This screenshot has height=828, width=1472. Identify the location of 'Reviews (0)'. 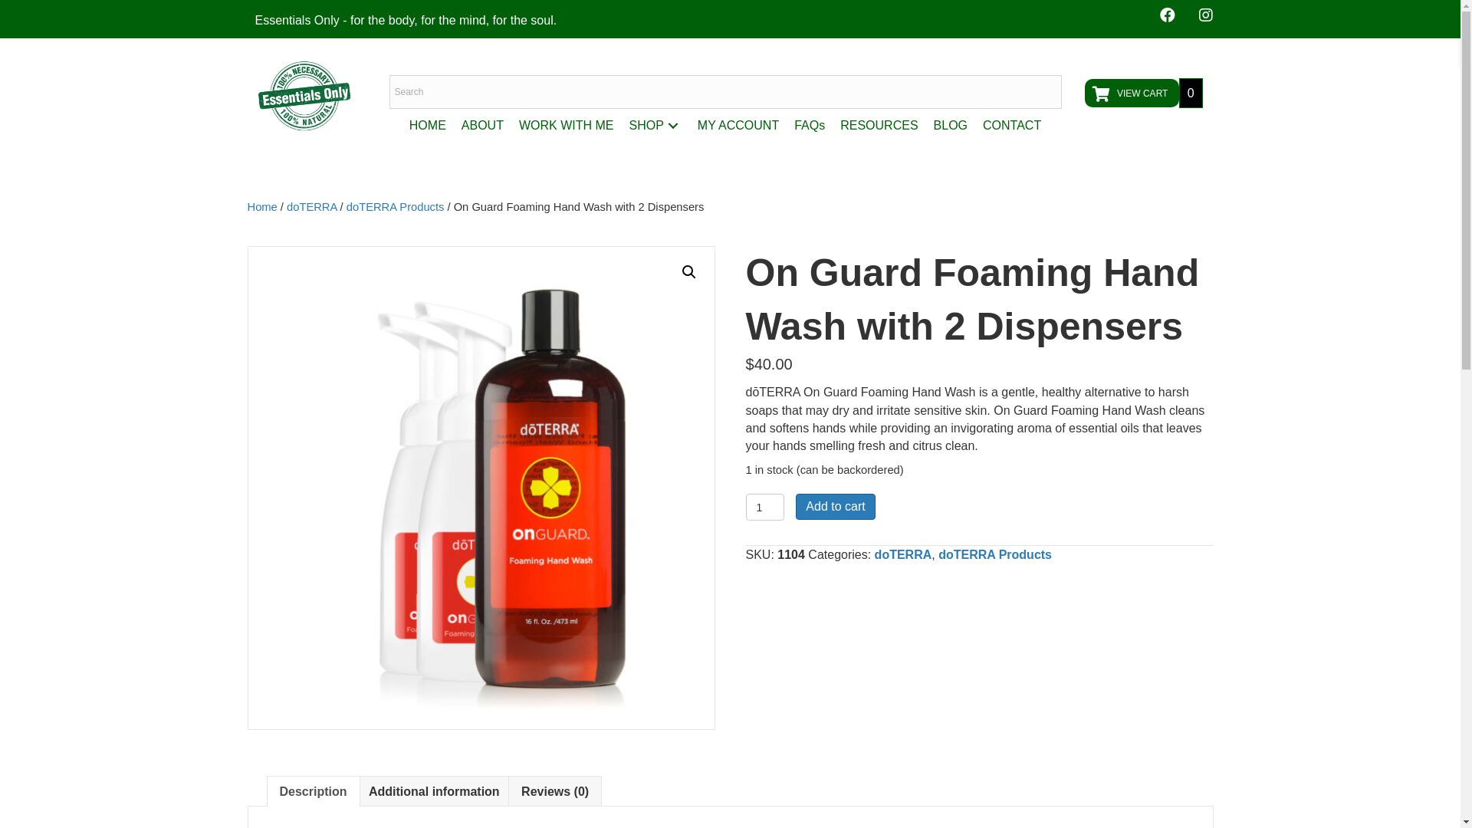
(554, 791).